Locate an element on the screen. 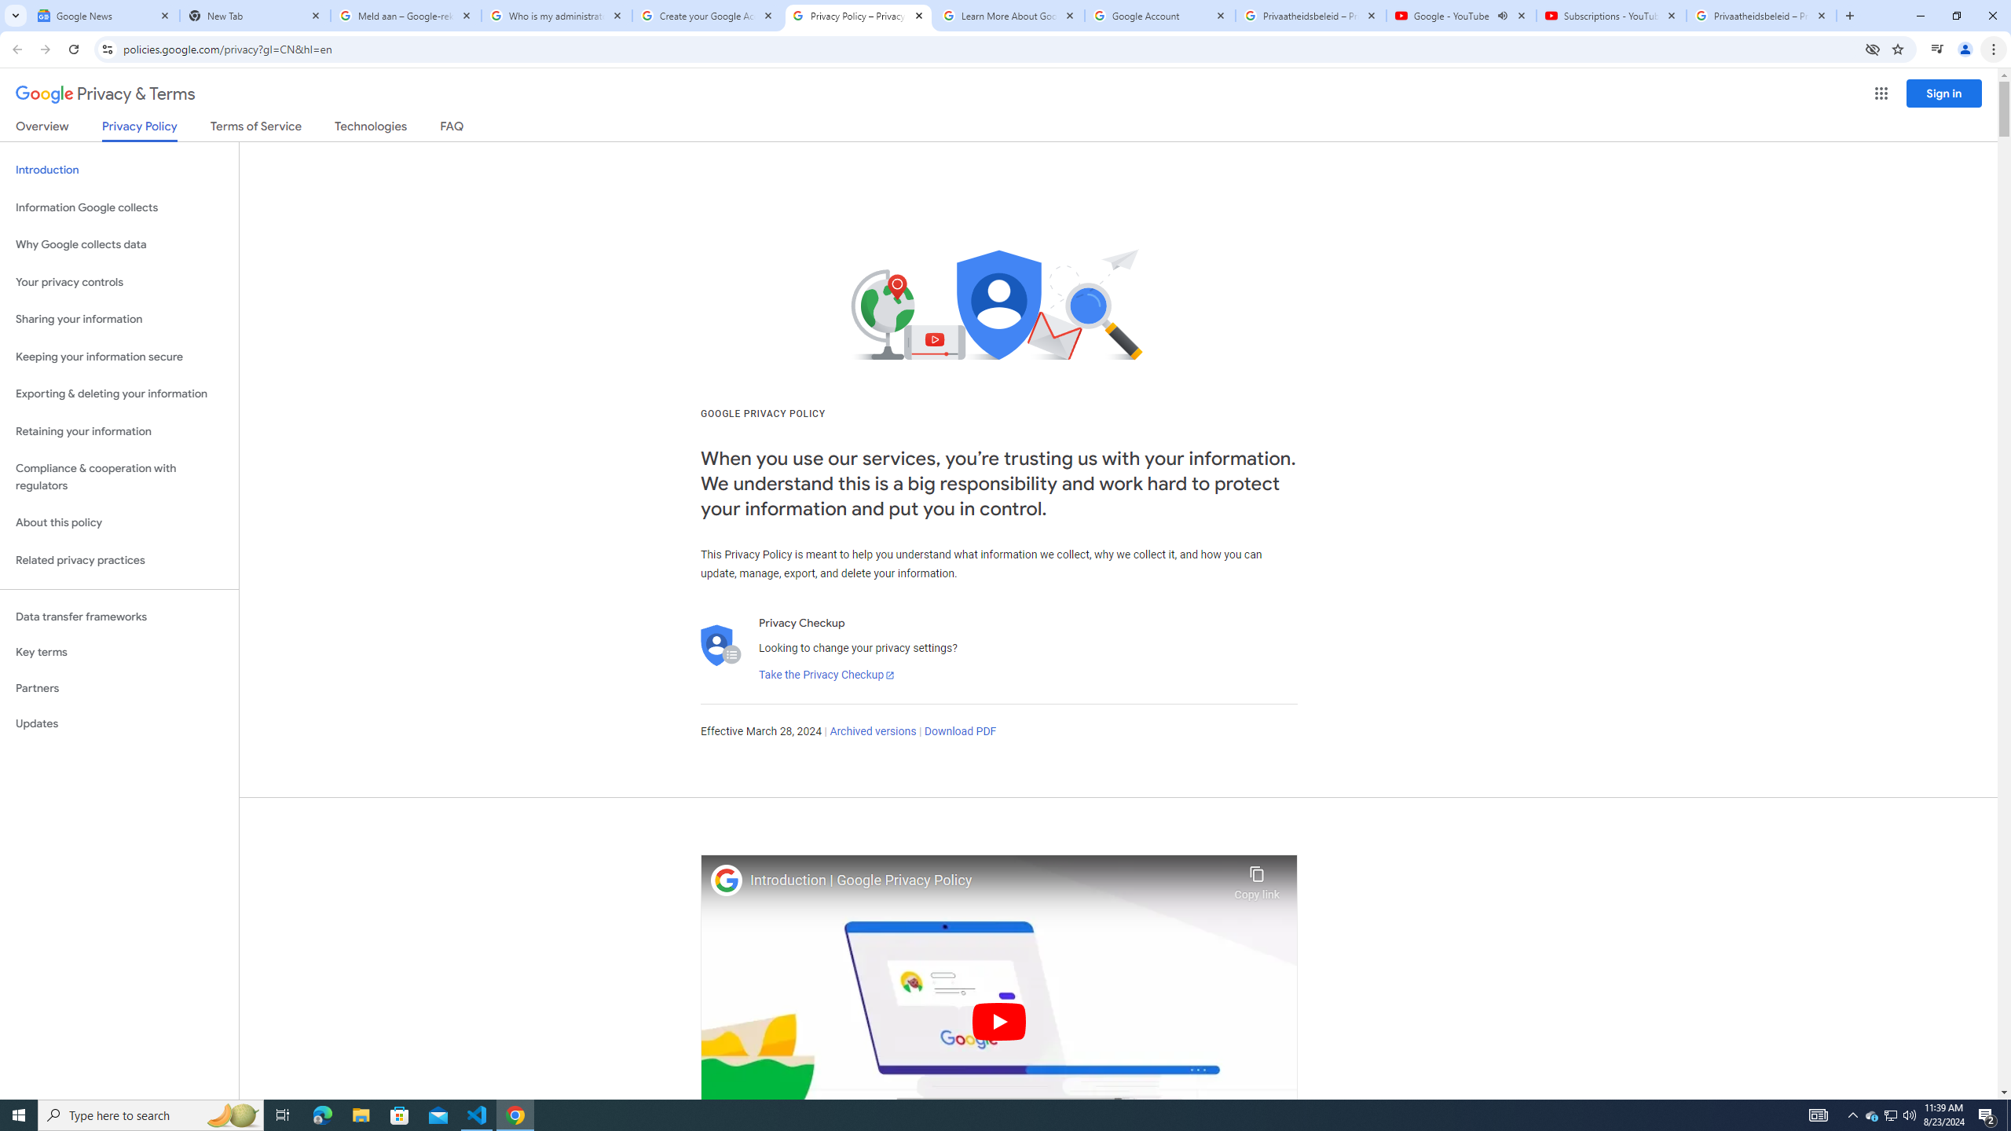 This screenshot has height=1131, width=2011. 'Sharing your information' is located at coordinates (119, 318).